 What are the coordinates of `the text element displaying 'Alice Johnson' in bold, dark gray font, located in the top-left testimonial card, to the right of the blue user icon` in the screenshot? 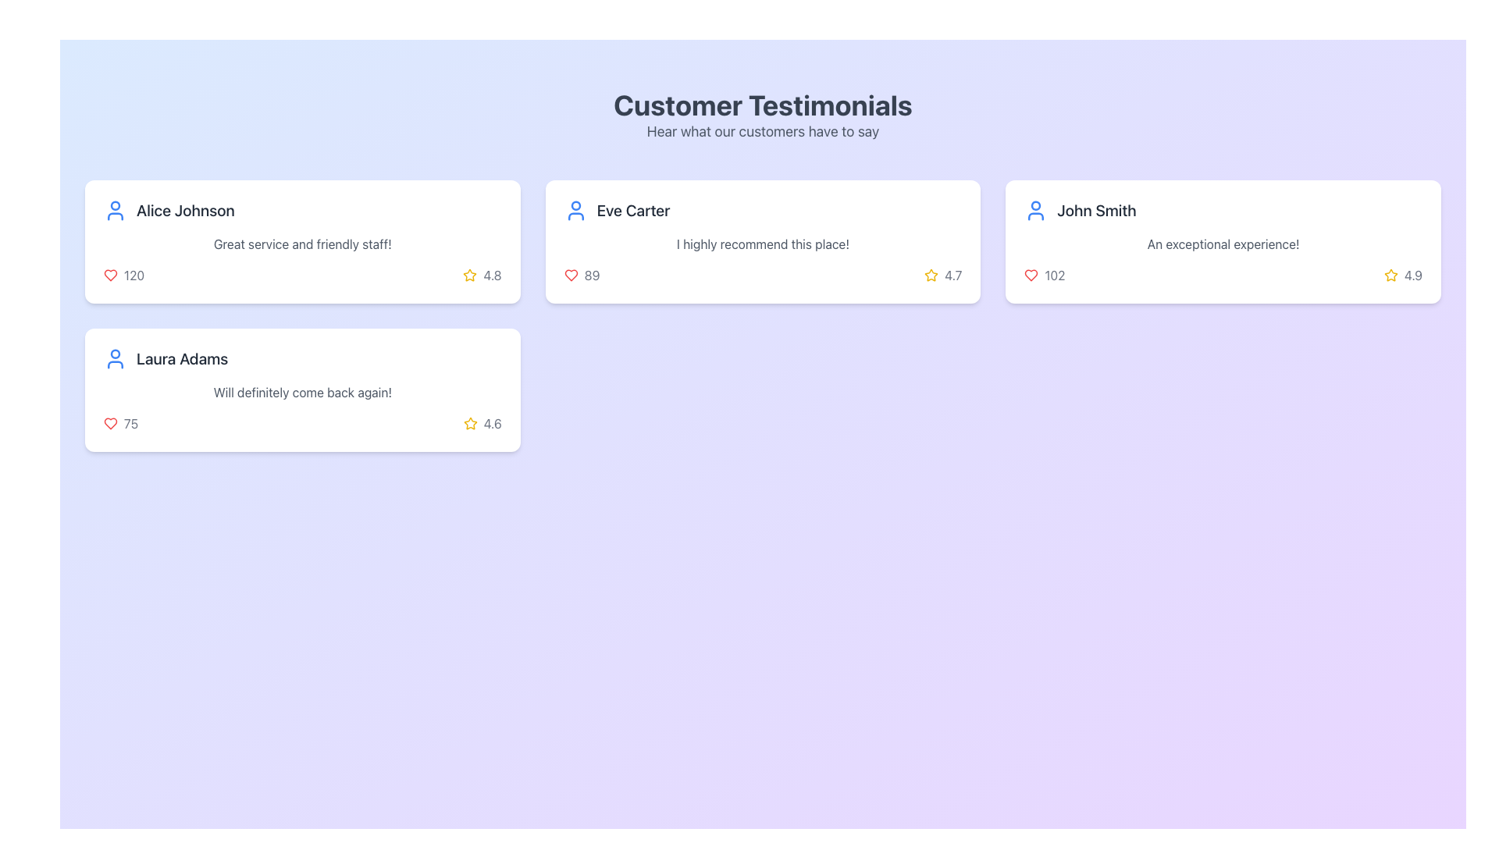 It's located at (185, 211).